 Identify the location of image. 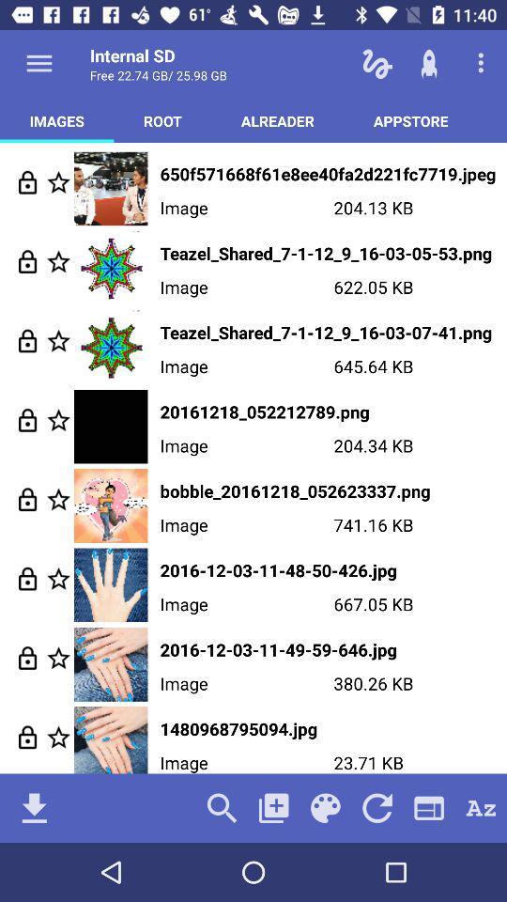
(58, 658).